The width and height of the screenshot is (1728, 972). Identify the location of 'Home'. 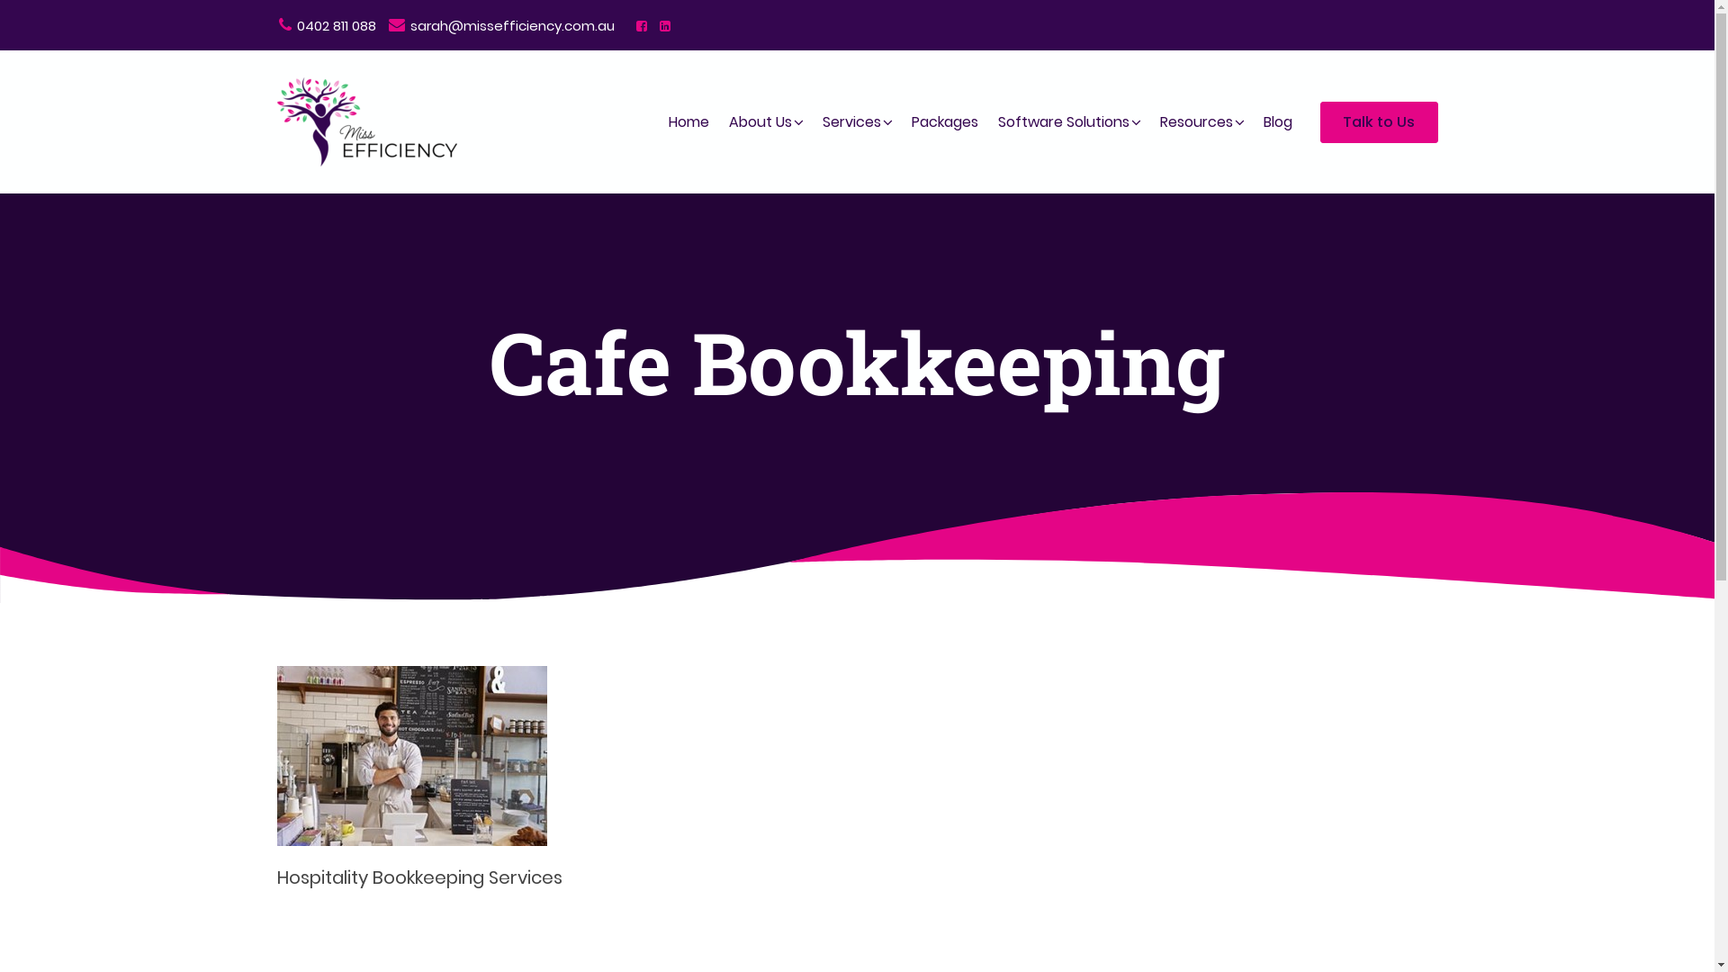
(688, 121).